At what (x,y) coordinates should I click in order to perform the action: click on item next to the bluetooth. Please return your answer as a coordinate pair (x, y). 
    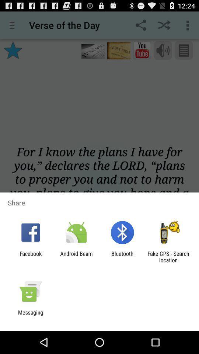
    Looking at the image, I should click on (76, 257).